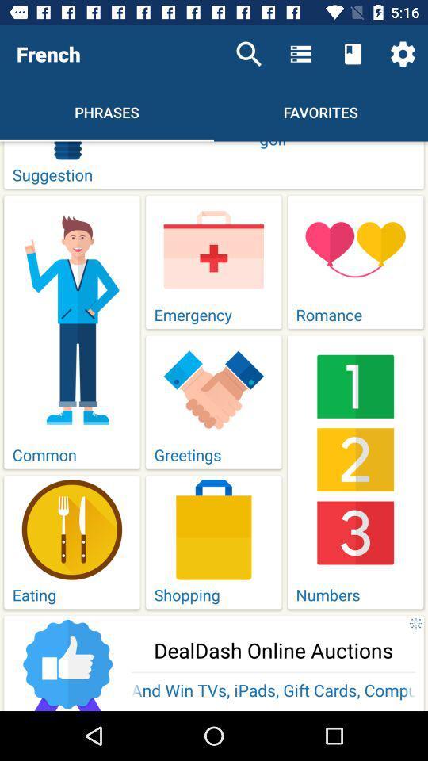 The width and height of the screenshot is (428, 761). I want to click on the icon next to the french, so click(249, 54).